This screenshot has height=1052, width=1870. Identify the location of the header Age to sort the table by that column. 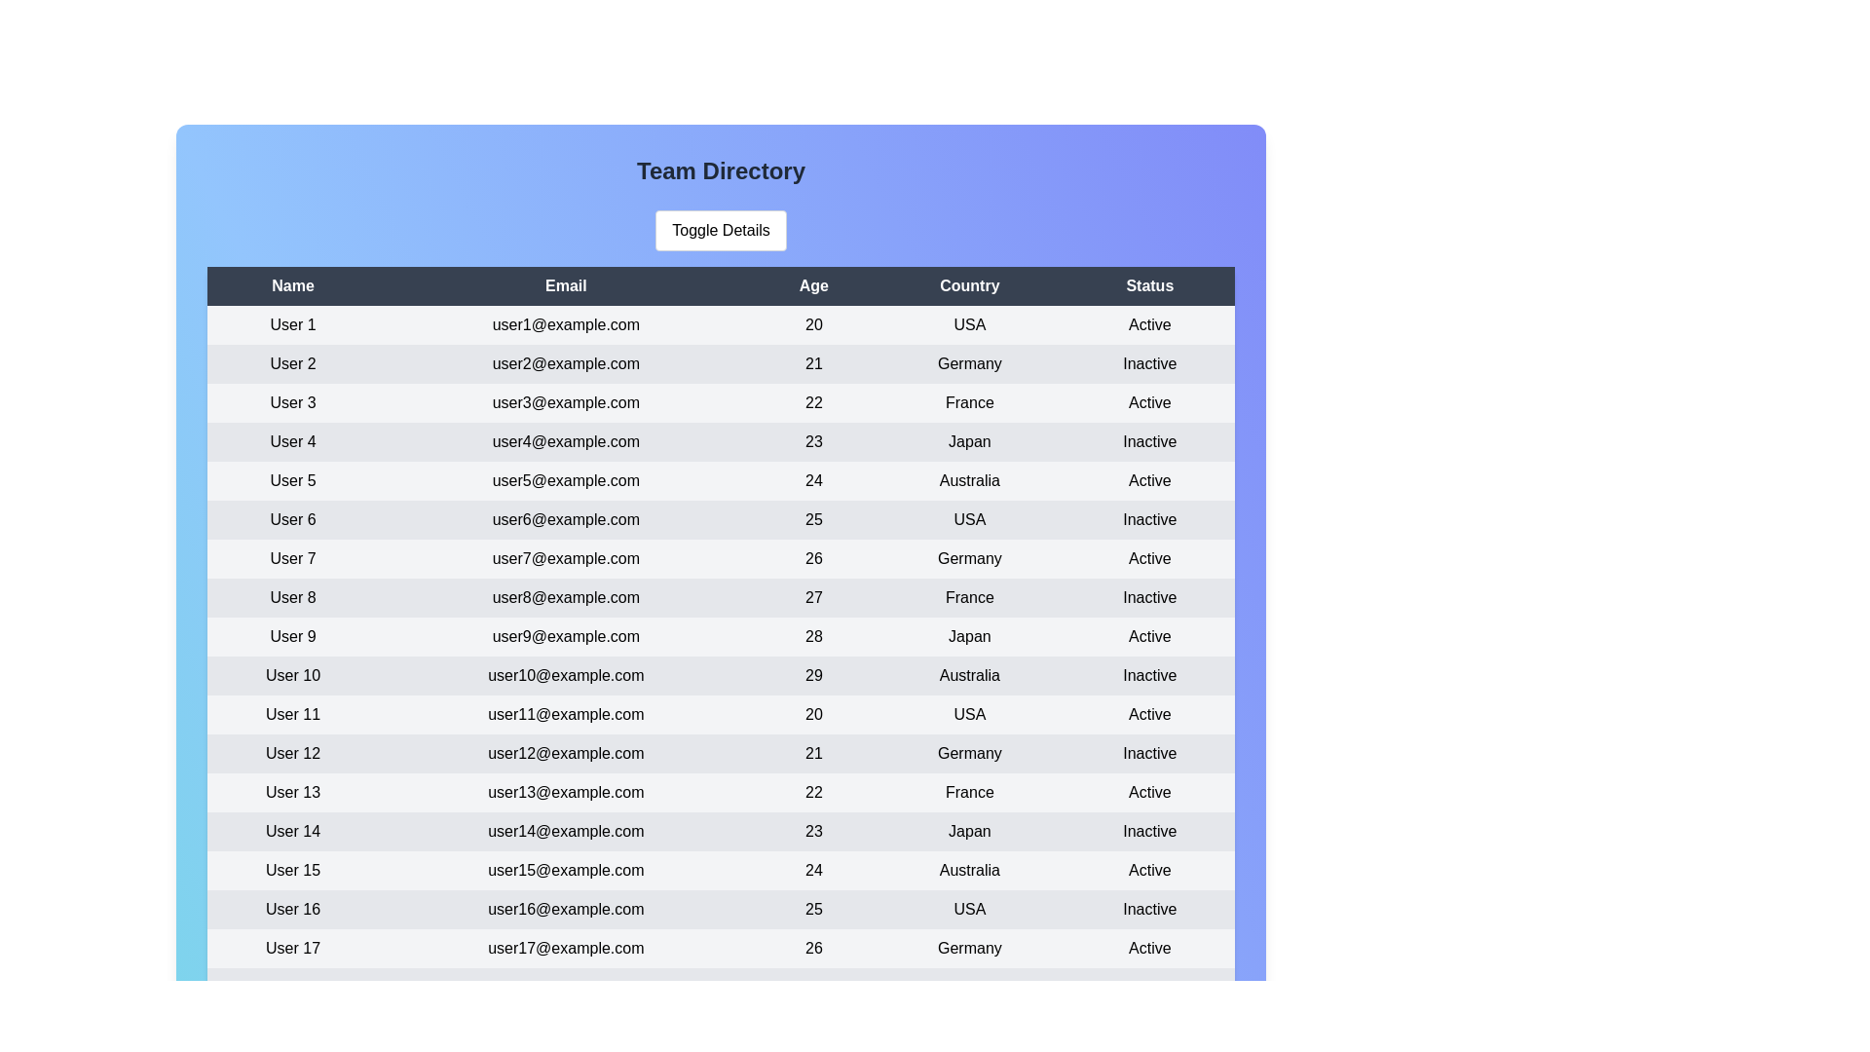
(813, 285).